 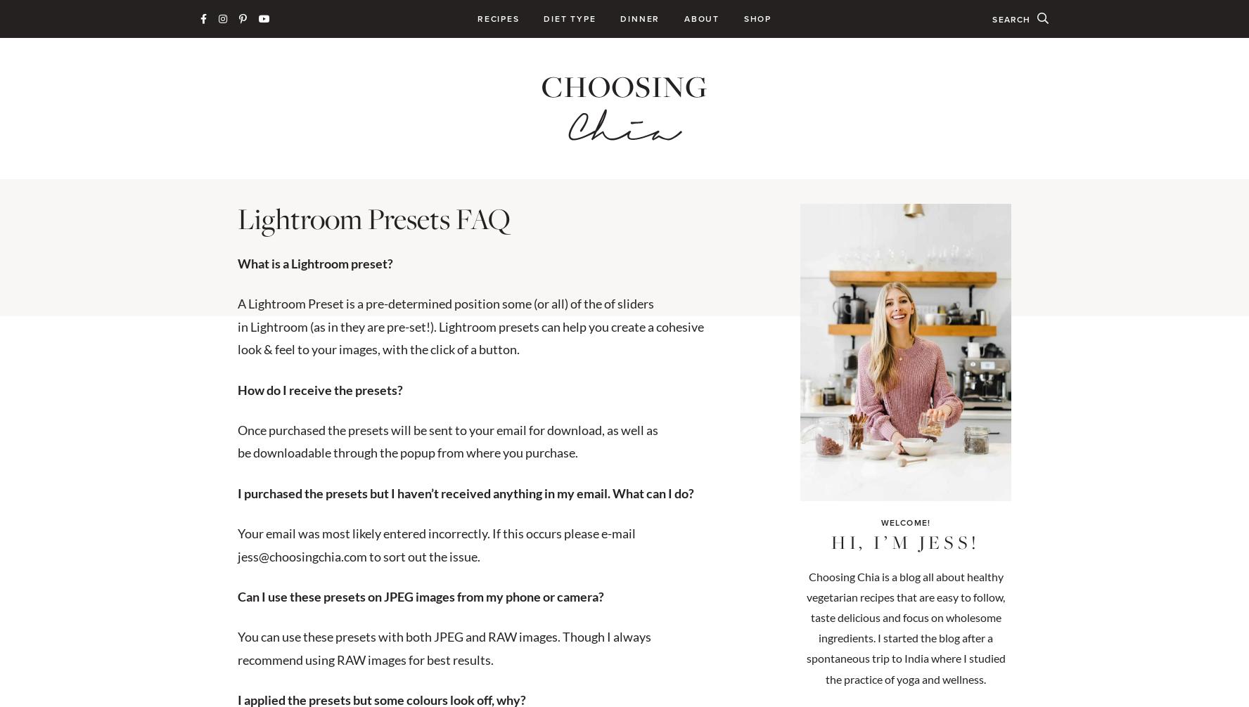 I want to click on 'How do I receive the presets?', so click(x=236, y=389).